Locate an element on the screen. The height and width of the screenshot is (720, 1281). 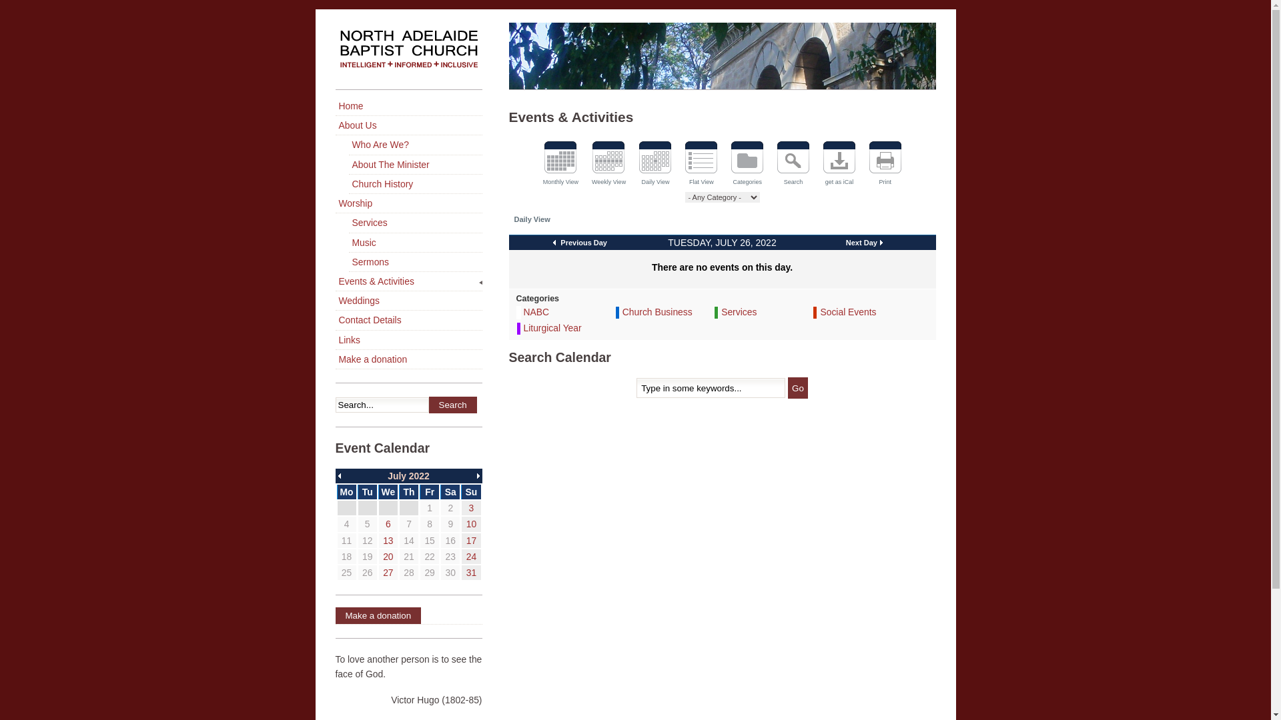
'Links' is located at coordinates (407, 339).